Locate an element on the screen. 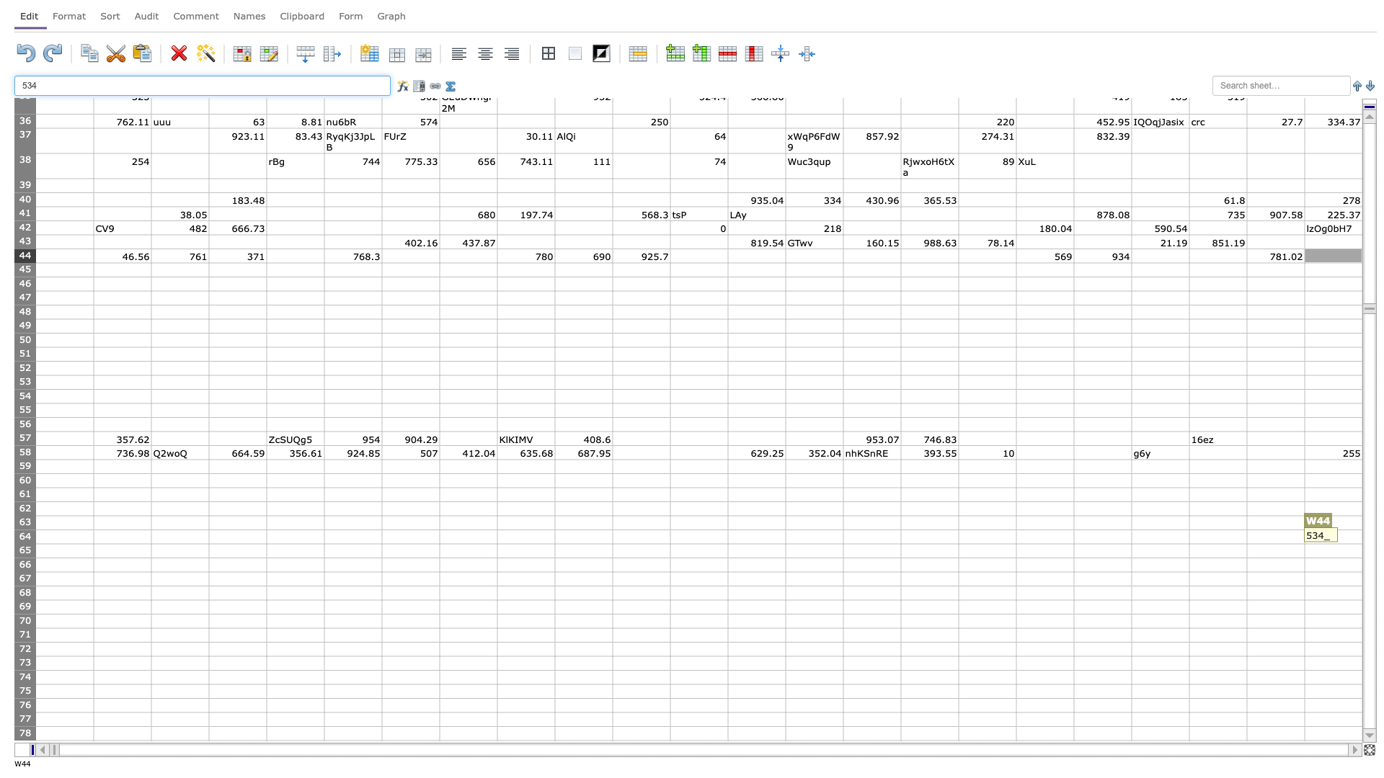  bottom right corner of C65 is located at coordinates (208, 557).